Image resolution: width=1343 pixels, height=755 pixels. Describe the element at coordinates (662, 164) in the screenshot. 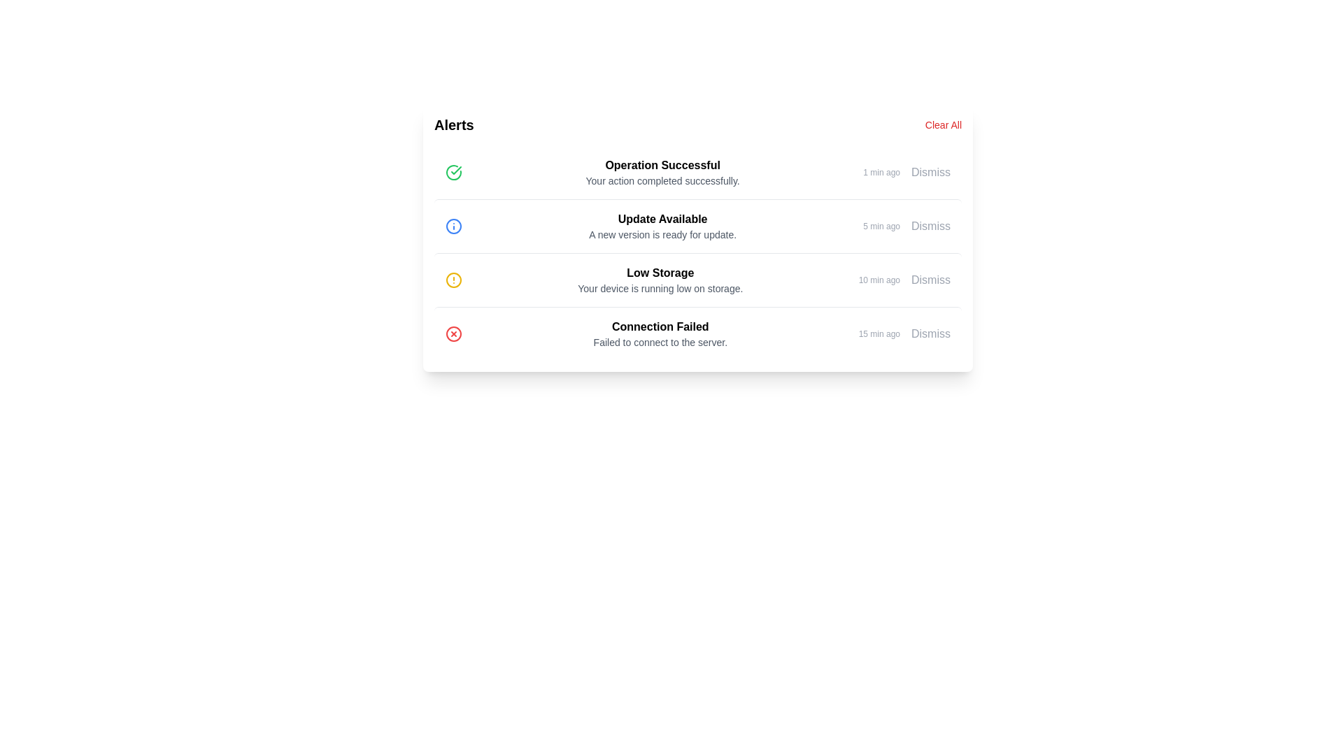

I see `the bold black text label that reads 'Operation Successful', prominently styled at the top of the notification list` at that location.